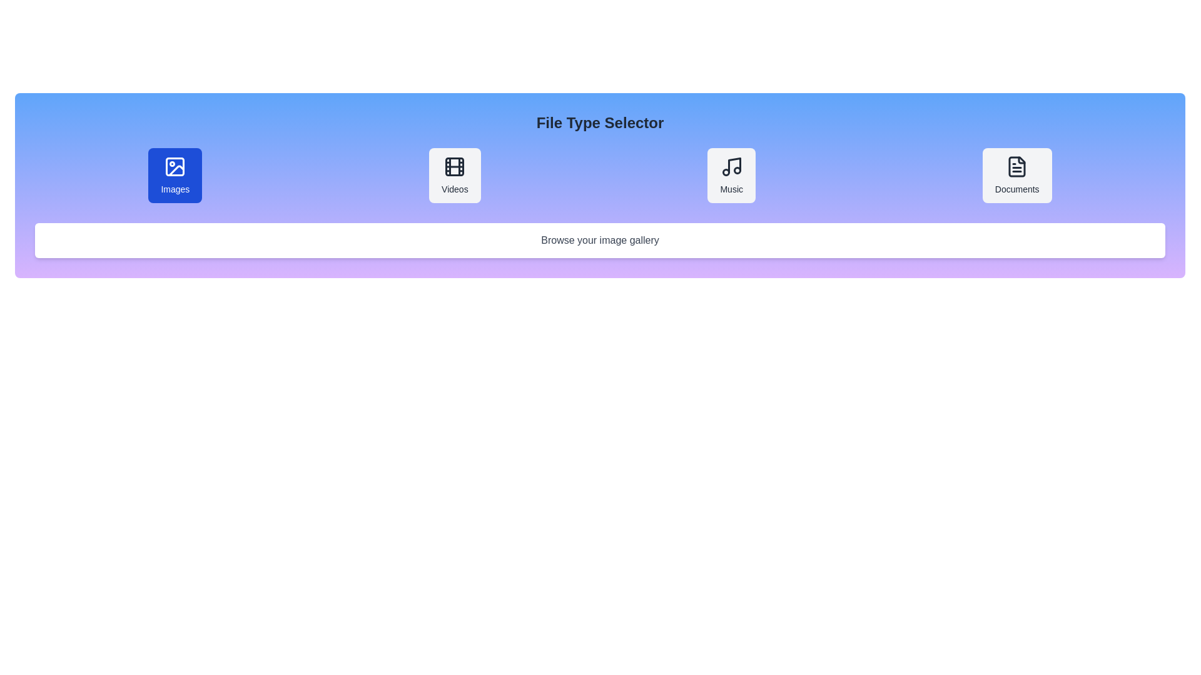 The image size is (1201, 675). What do you see at coordinates (454, 176) in the screenshot?
I see `the file type Videos to display its description` at bounding box center [454, 176].